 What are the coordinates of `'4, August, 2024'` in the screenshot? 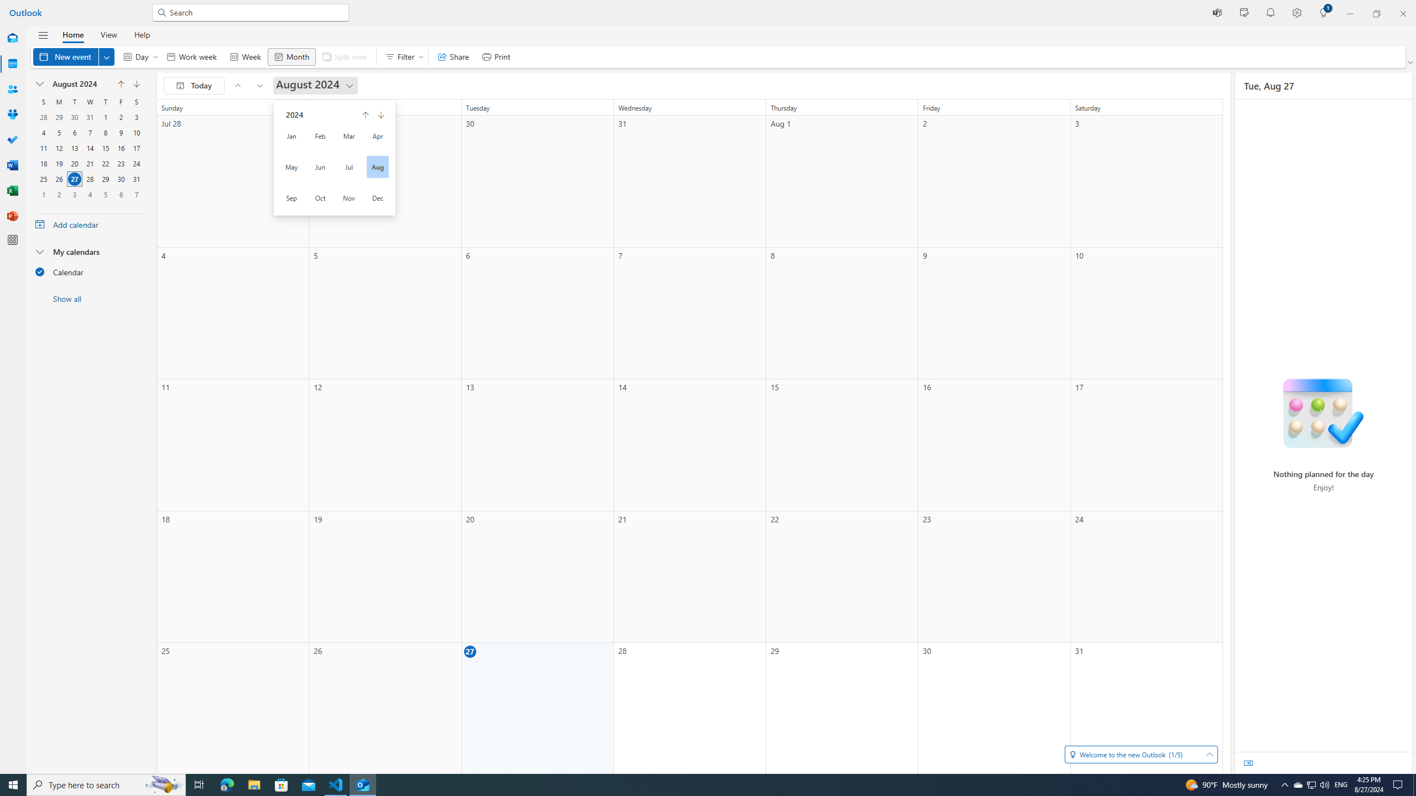 It's located at (43, 132).